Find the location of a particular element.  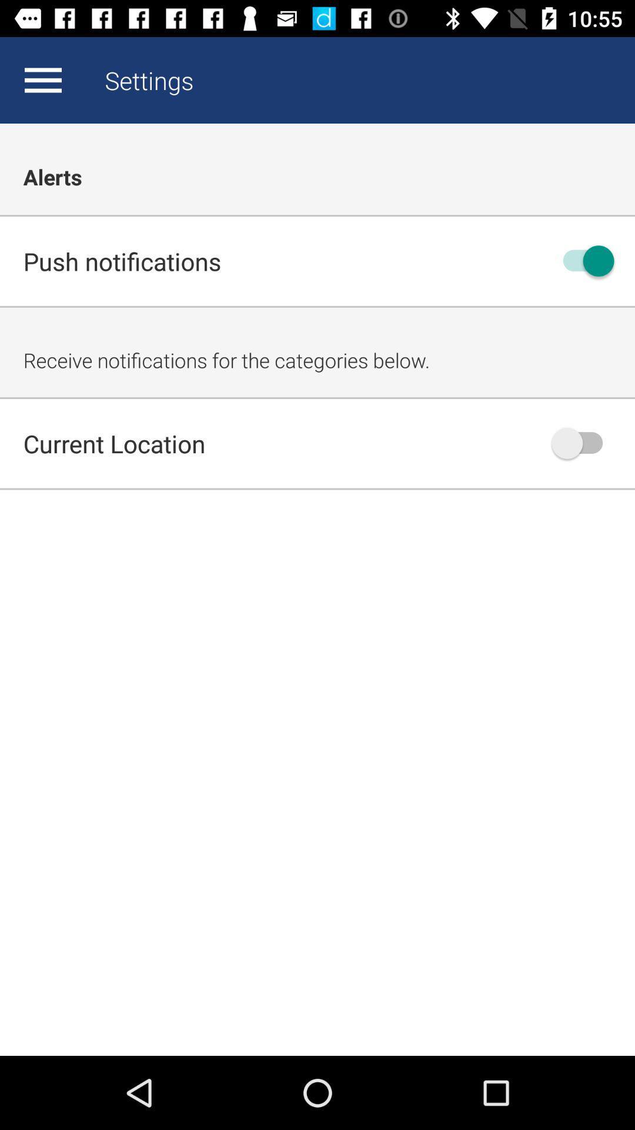

icon at the top left corner is located at coordinates (42, 79).